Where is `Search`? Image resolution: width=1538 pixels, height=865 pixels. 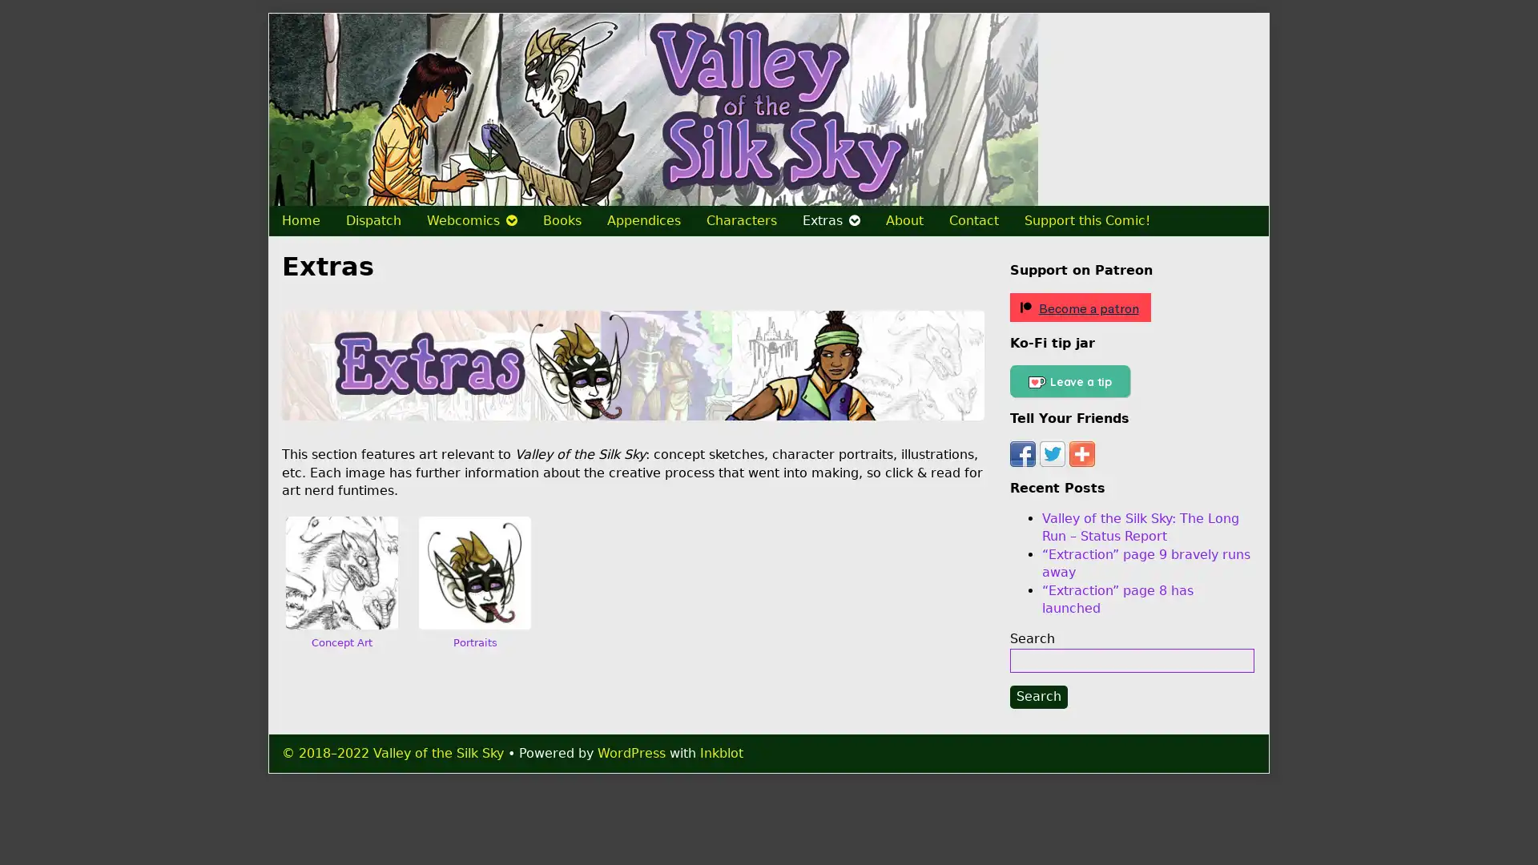
Search is located at coordinates (1038, 696).